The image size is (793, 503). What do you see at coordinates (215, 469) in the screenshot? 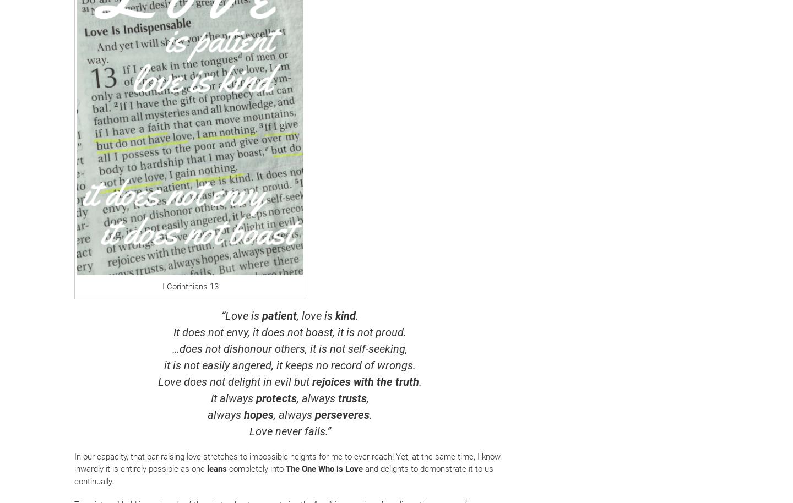
I see `'leans'` at bounding box center [215, 469].